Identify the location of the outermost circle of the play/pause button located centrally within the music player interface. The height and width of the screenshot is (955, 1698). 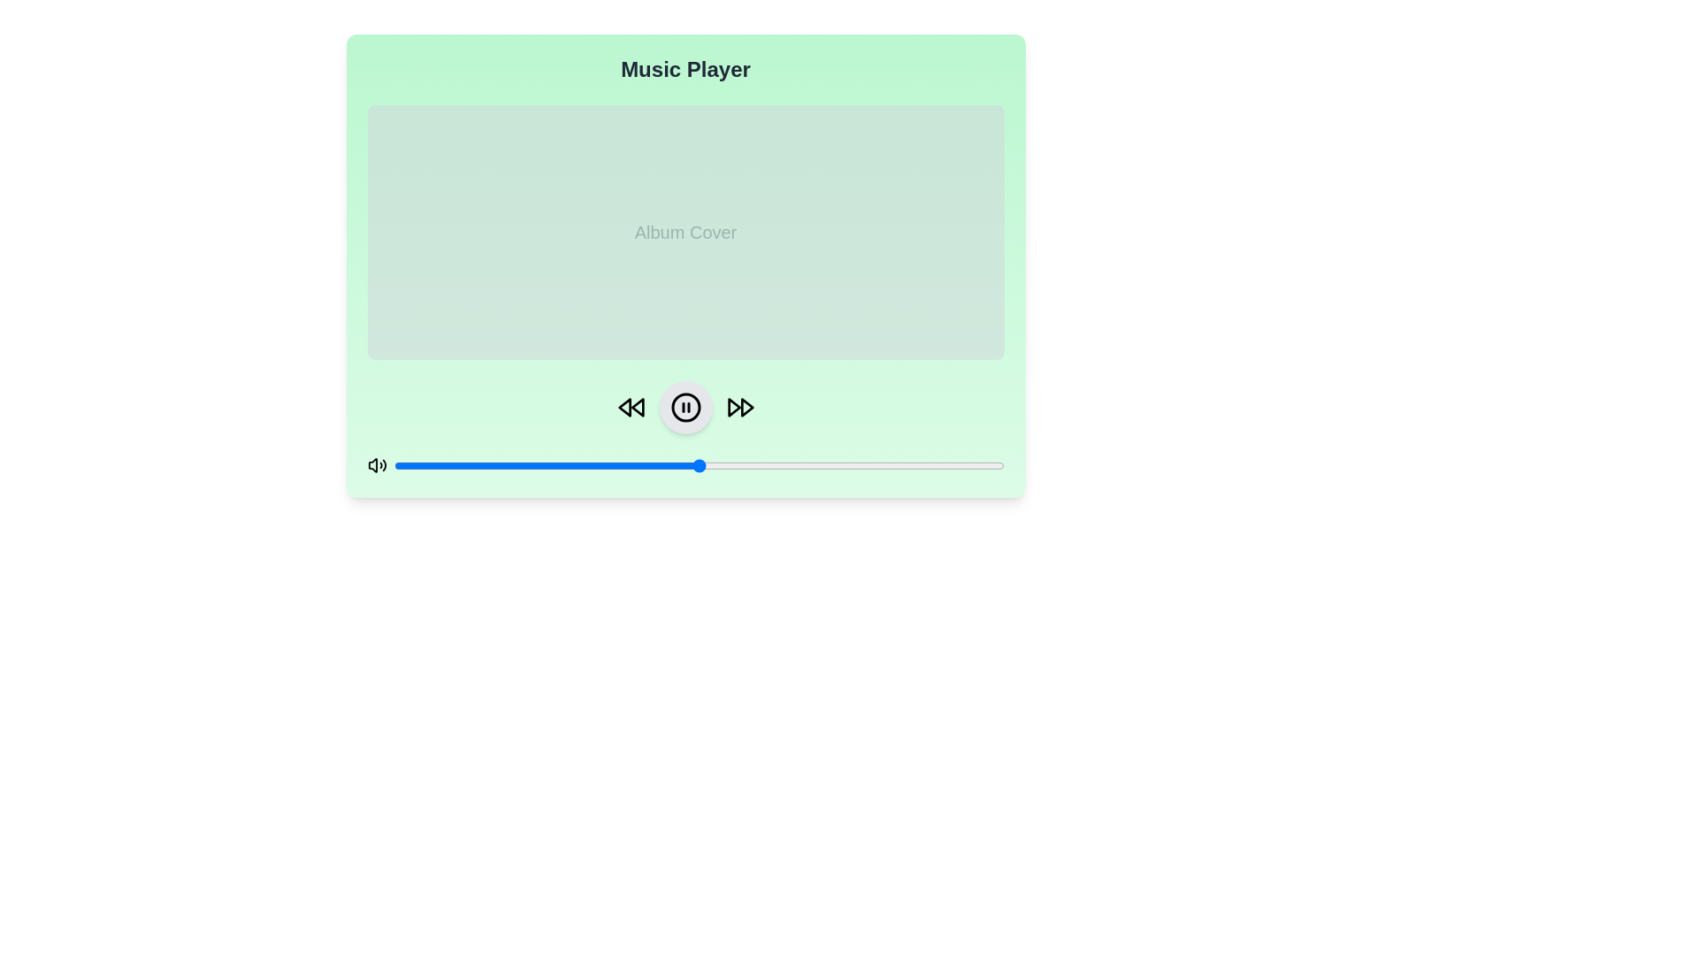
(685, 408).